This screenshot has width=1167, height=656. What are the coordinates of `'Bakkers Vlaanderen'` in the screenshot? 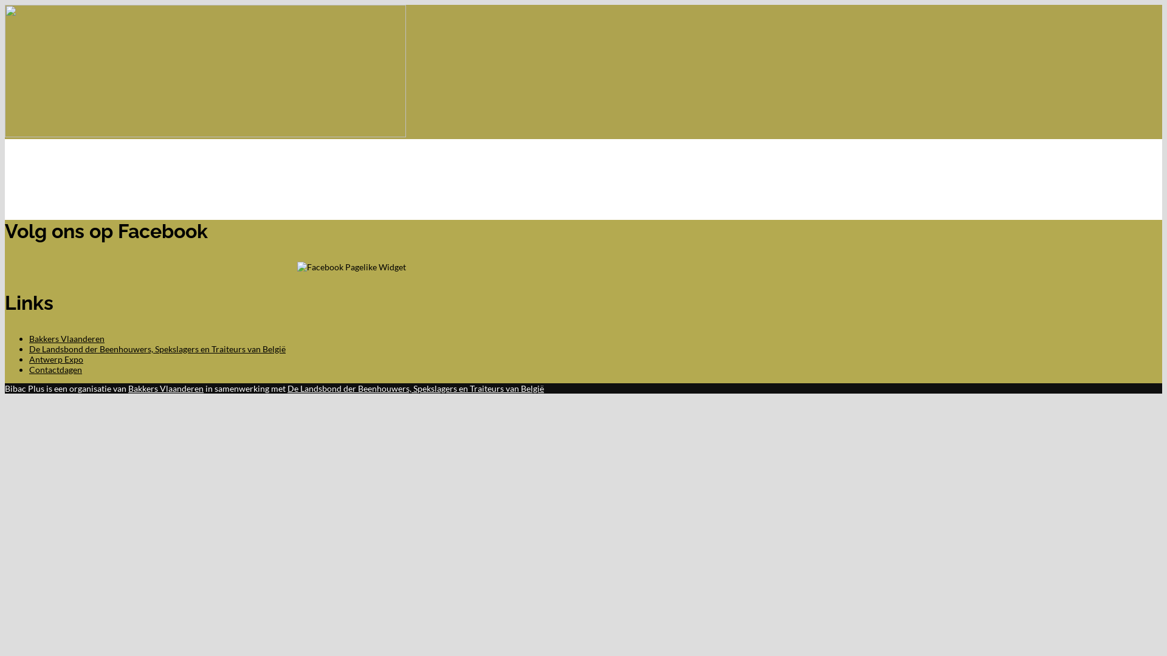 It's located at (128, 388).